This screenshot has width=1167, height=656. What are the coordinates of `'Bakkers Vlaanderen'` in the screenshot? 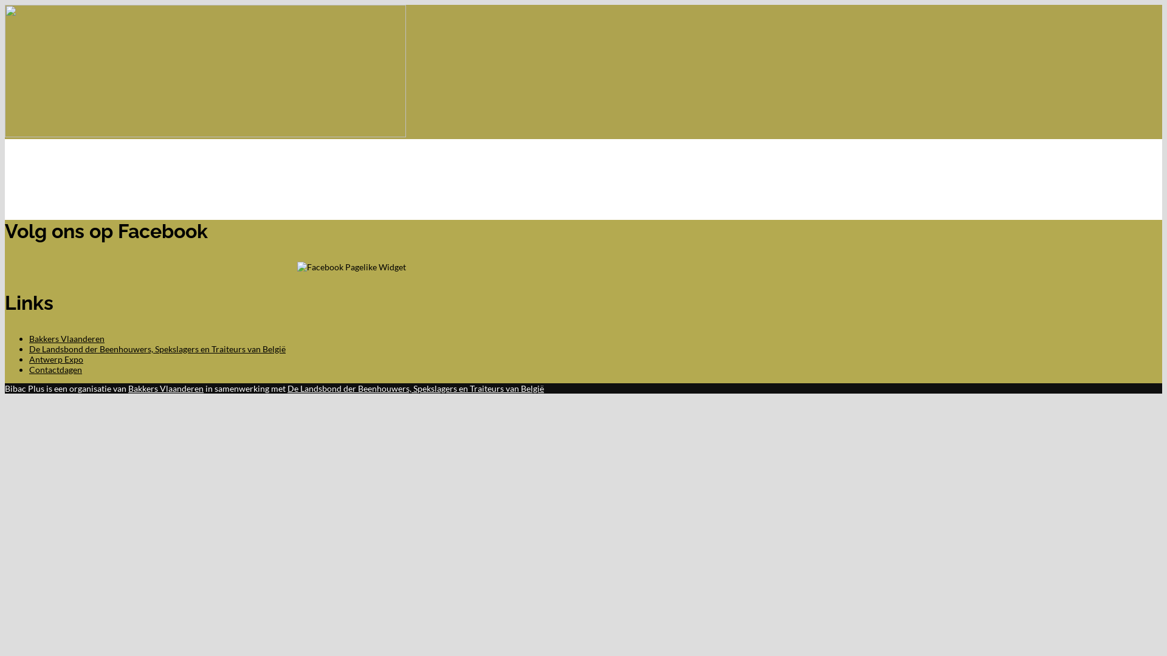 It's located at (128, 388).